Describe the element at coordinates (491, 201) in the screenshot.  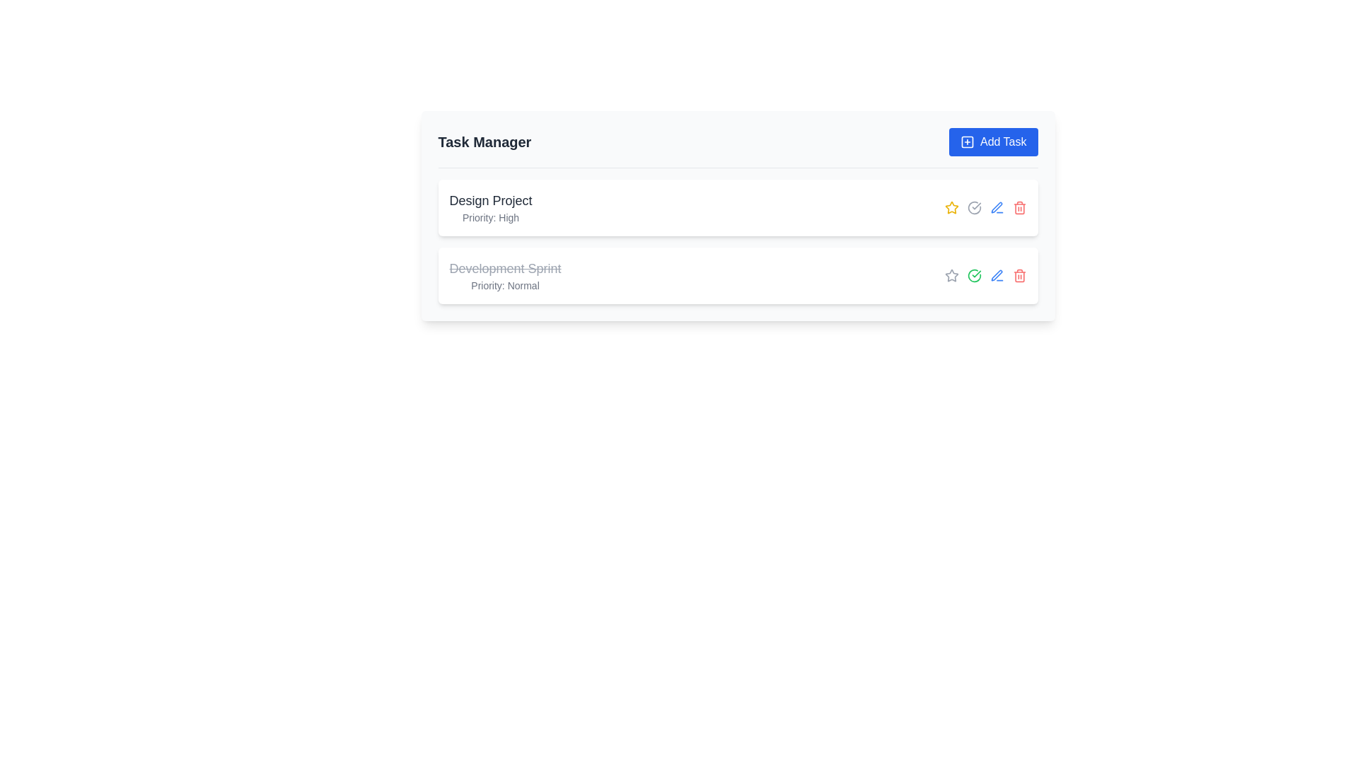
I see `the text element that says 'Design Project', which is styled with a larger font size and darker color, located at the top left of the main task list, above the 'Priority: High' text` at that location.